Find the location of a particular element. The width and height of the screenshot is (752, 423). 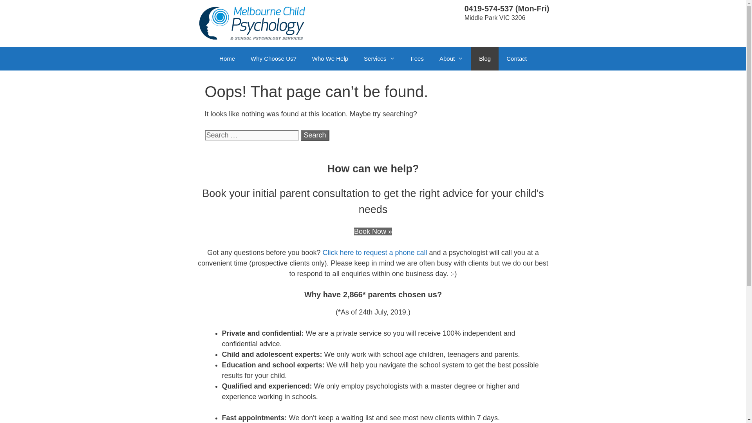

'About' is located at coordinates (431, 58).